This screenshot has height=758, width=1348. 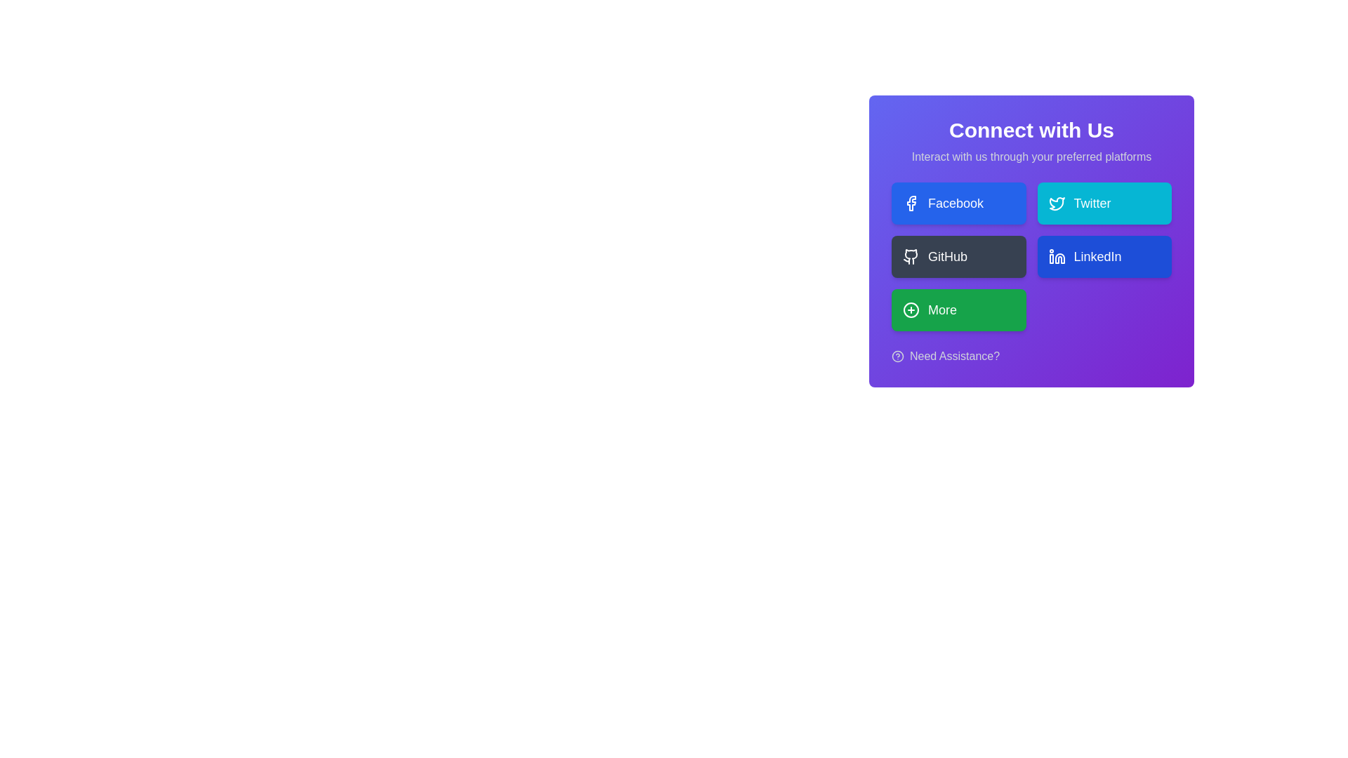 I want to click on the LinkedIn icon, so click(x=1057, y=257).